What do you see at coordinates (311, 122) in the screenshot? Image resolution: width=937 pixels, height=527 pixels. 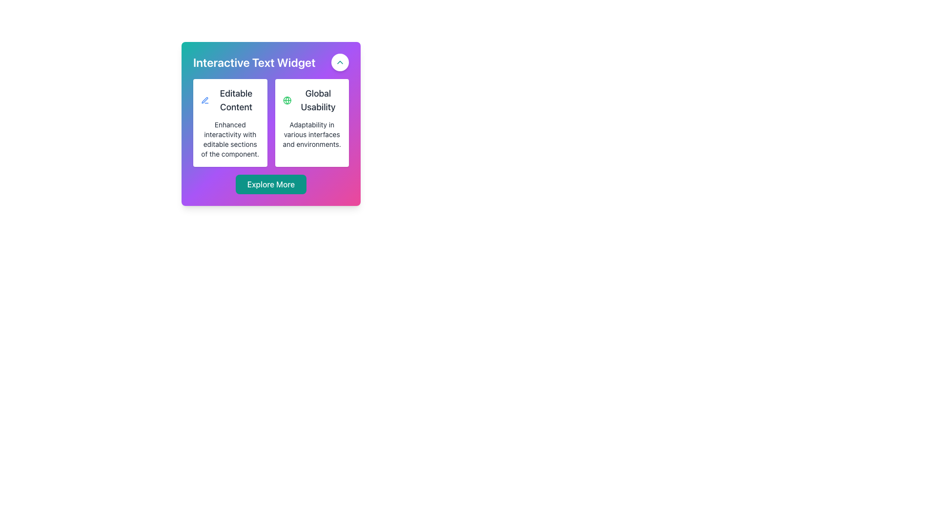 I see `content inside the Information Card located in the second column of the grid layout, positioned to the right of the 'Editable Content' card and above the 'Explore More' button` at bounding box center [311, 122].